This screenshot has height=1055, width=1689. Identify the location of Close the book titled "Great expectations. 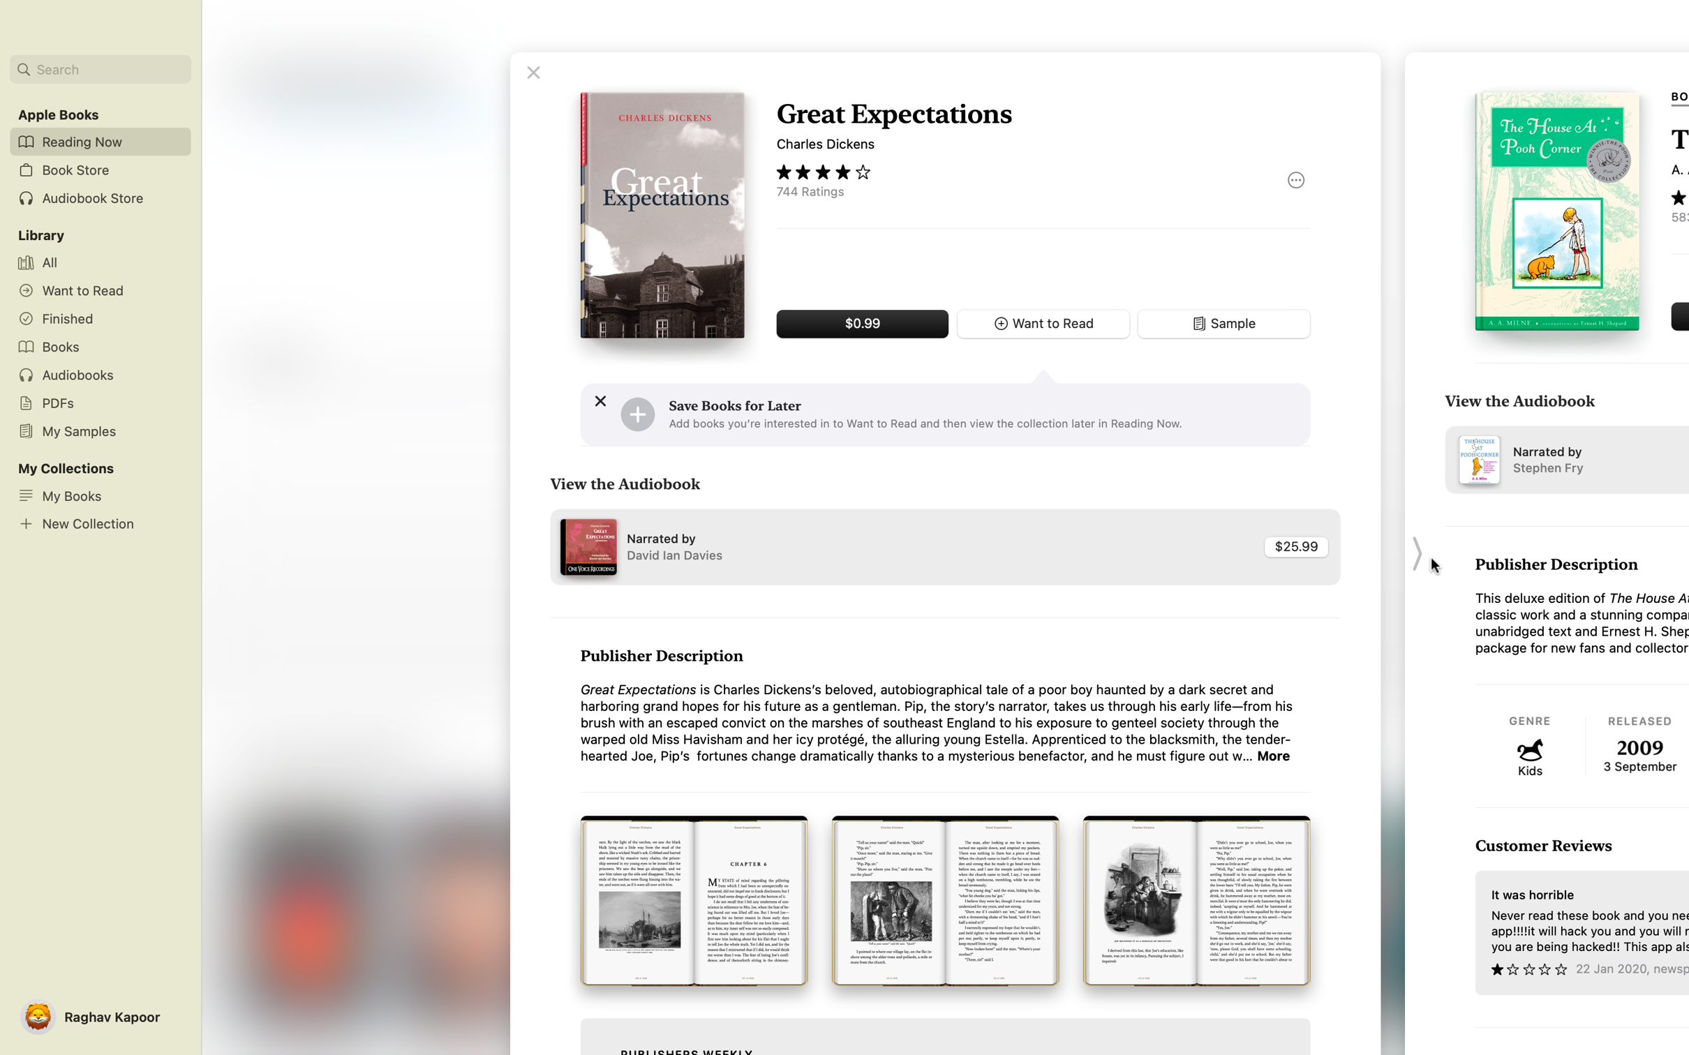
(533, 72).